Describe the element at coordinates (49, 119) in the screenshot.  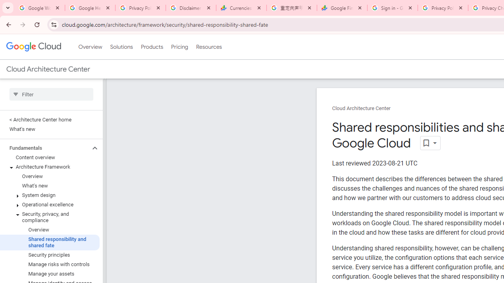
I see `'< Architecture Center home'` at that location.